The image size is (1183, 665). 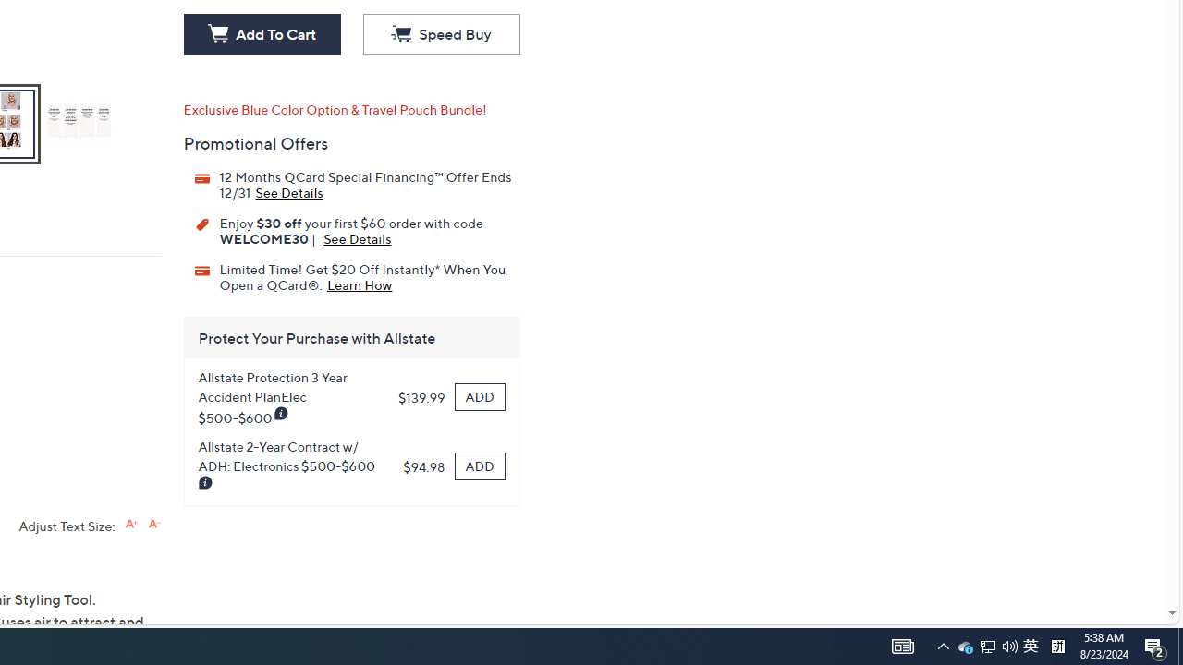 I want to click on 'Speed Buy', so click(x=440, y=35).